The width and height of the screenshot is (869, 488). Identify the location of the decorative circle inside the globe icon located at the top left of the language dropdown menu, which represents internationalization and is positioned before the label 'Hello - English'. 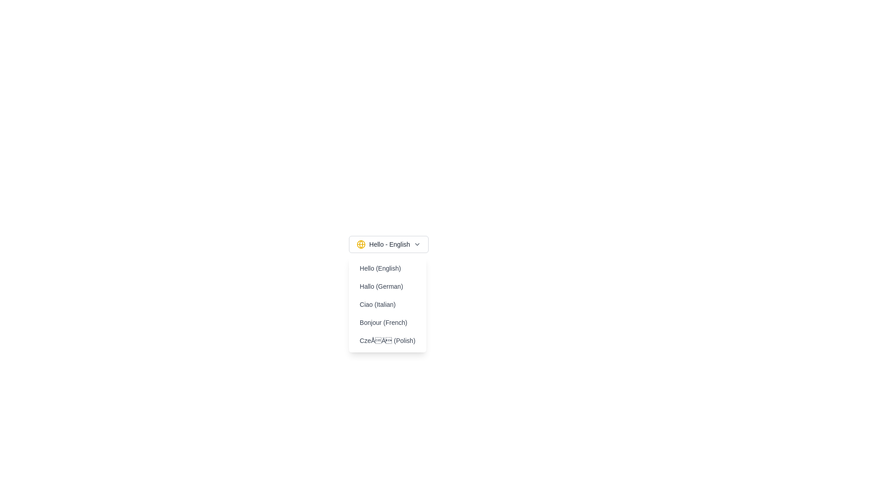
(360, 244).